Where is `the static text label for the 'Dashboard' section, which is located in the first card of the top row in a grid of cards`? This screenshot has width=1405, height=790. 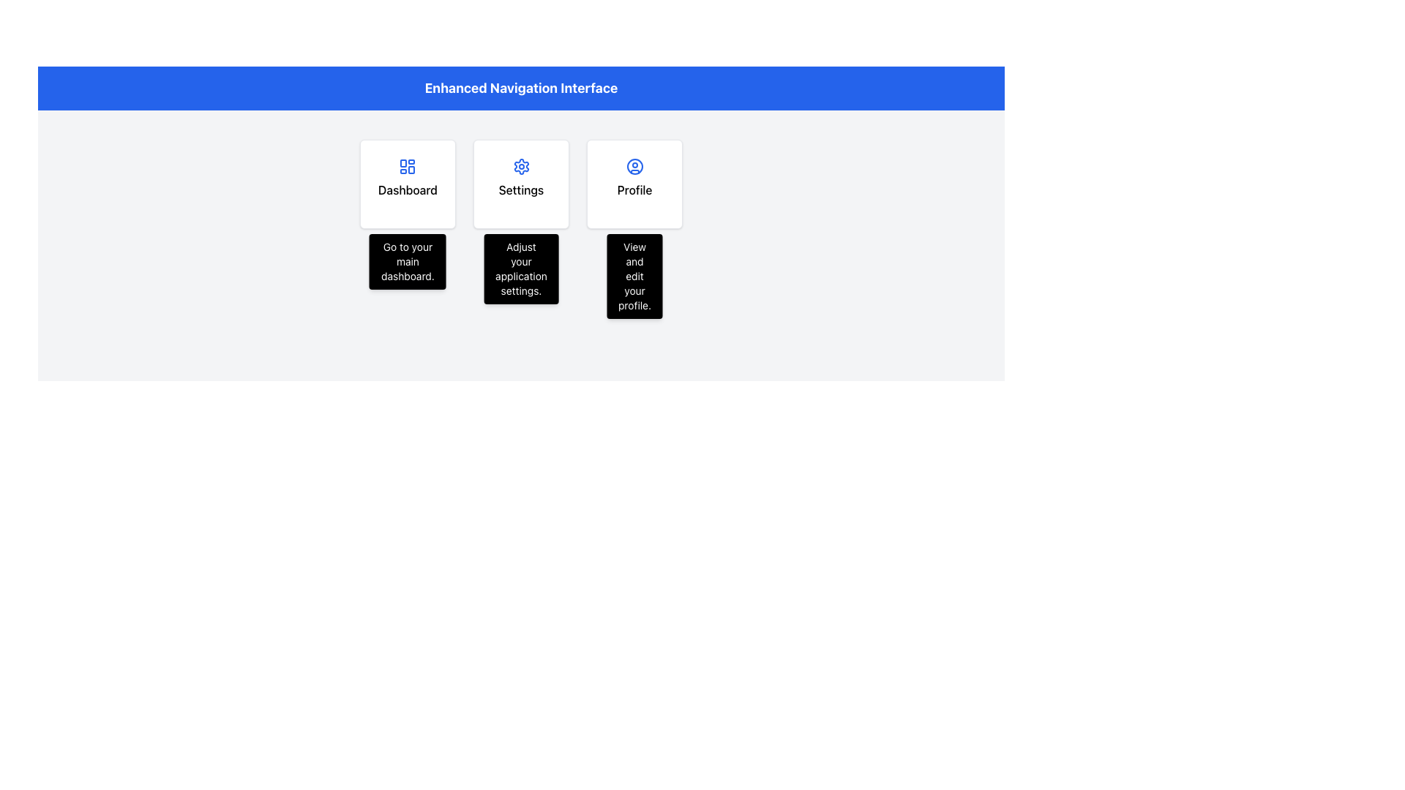
the static text label for the 'Dashboard' section, which is located in the first card of the top row in a grid of cards is located at coordinates (408, 189).